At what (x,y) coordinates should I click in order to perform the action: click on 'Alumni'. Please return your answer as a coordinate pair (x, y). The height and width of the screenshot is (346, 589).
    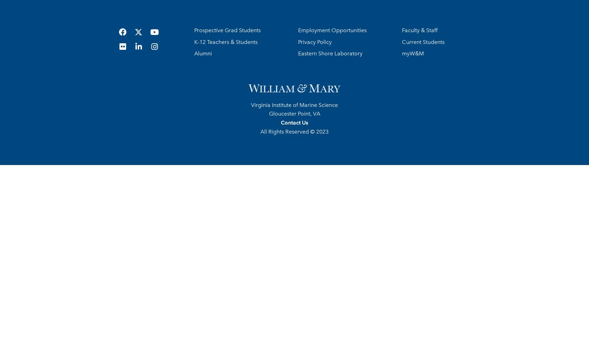
    Looking at the image, I should click on (203, 53).